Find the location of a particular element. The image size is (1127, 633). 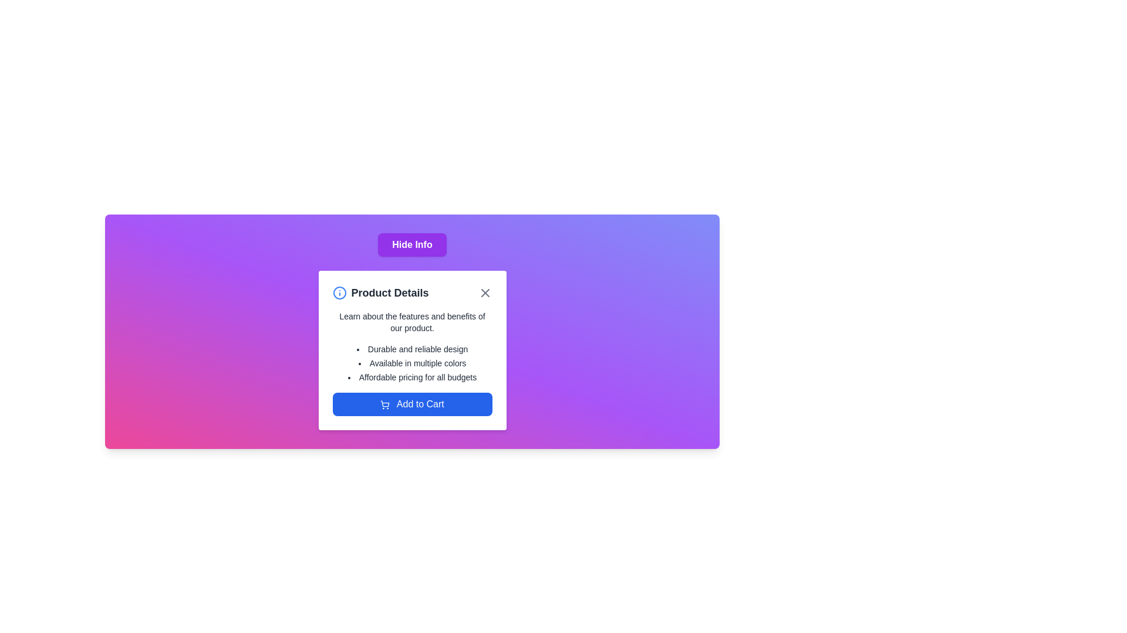

the shopping cart icon located to the left of the 'Add to Cart' button is located at coordinates (385, 404).